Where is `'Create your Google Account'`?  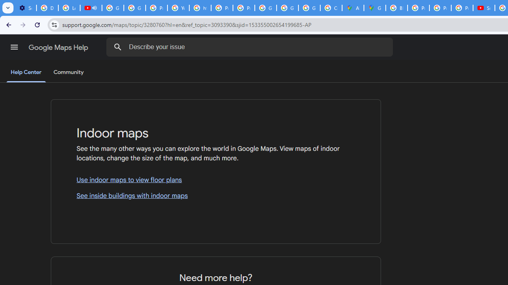 'Create your Google Account' is located at coordinates (331, 8).